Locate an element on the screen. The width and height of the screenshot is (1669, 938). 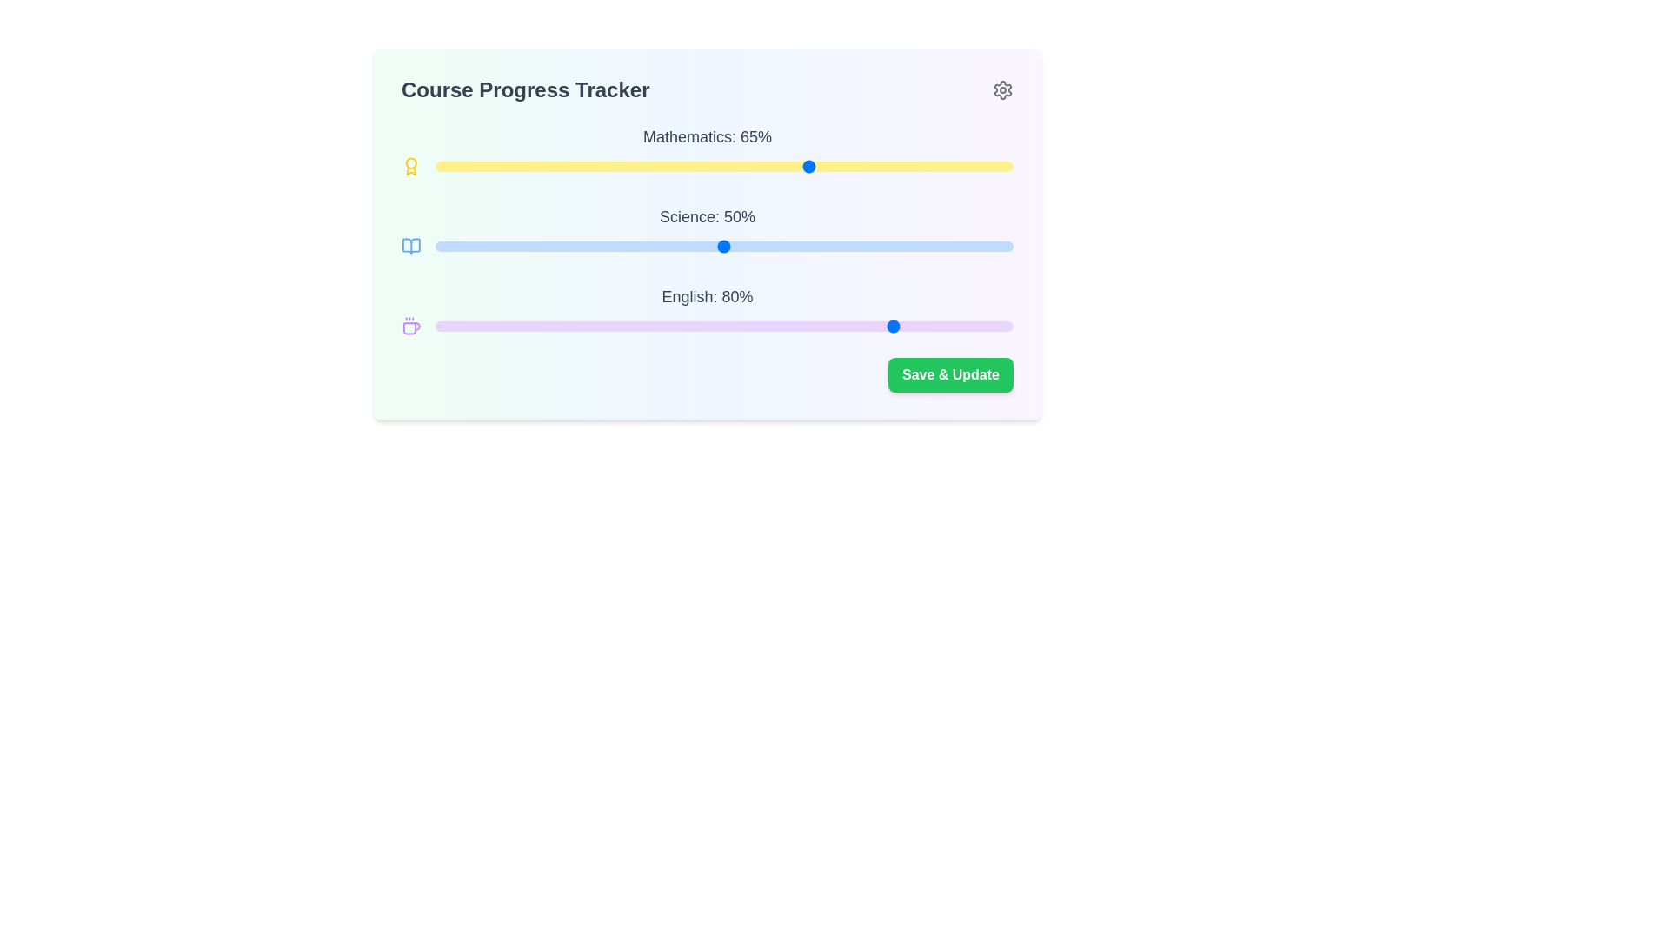
the award ribbon icon, which is styled with a yellow hue and represents achievement, located to the left of the horizontal progress bar labeled 'Mathematics: 65%' is located at coordinates (410, 167).